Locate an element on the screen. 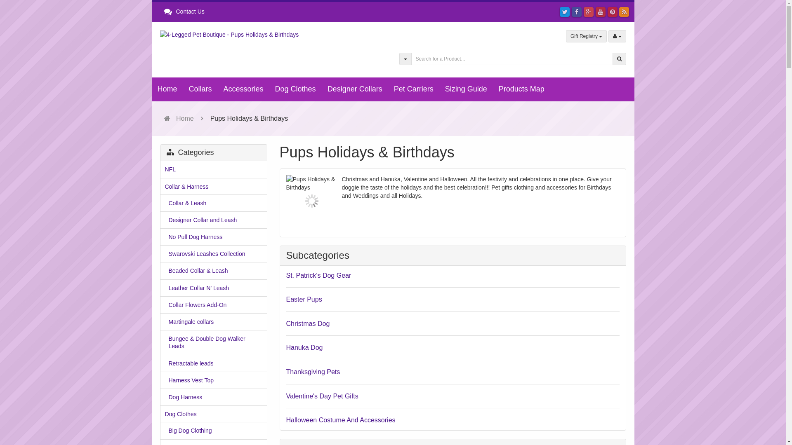  'Facebook' is located at coordinates (576, 12).